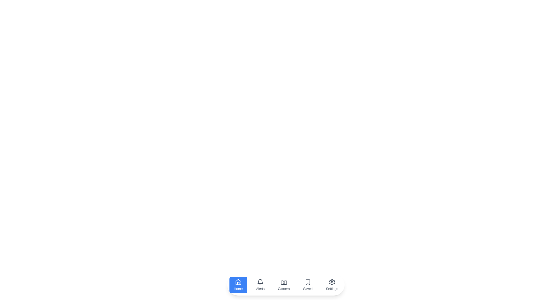  I want to click on the Settings icon in the bottom navigation bar, so click(332, 285).